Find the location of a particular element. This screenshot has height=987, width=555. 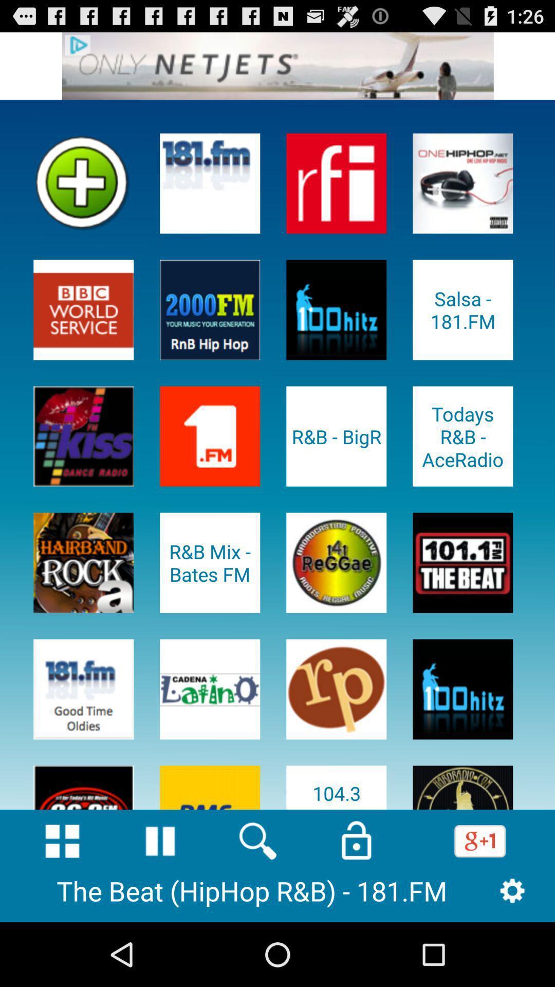

settings is located at coordinates (512, 890).